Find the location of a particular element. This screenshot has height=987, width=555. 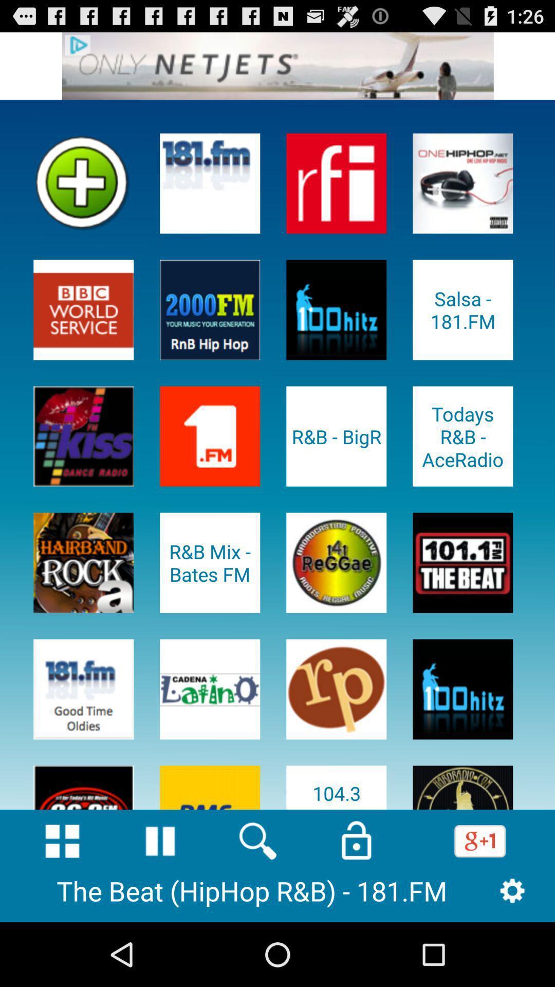

settings is located at coordinates (512, 890).